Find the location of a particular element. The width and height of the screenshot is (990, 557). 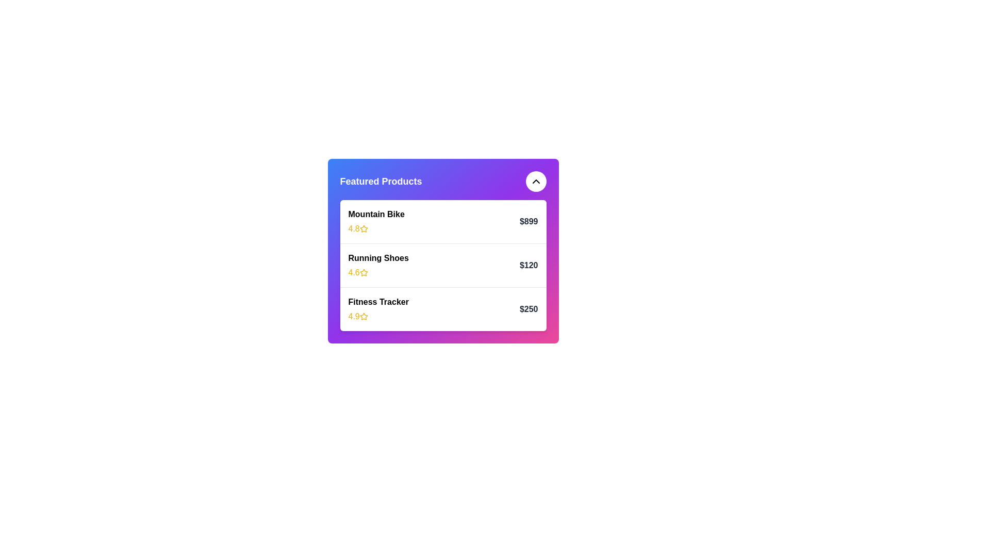

'Mountain Bike' text element located at the top of the 'Featured Products' list by clicking on it is located at coordinates (376, 221).